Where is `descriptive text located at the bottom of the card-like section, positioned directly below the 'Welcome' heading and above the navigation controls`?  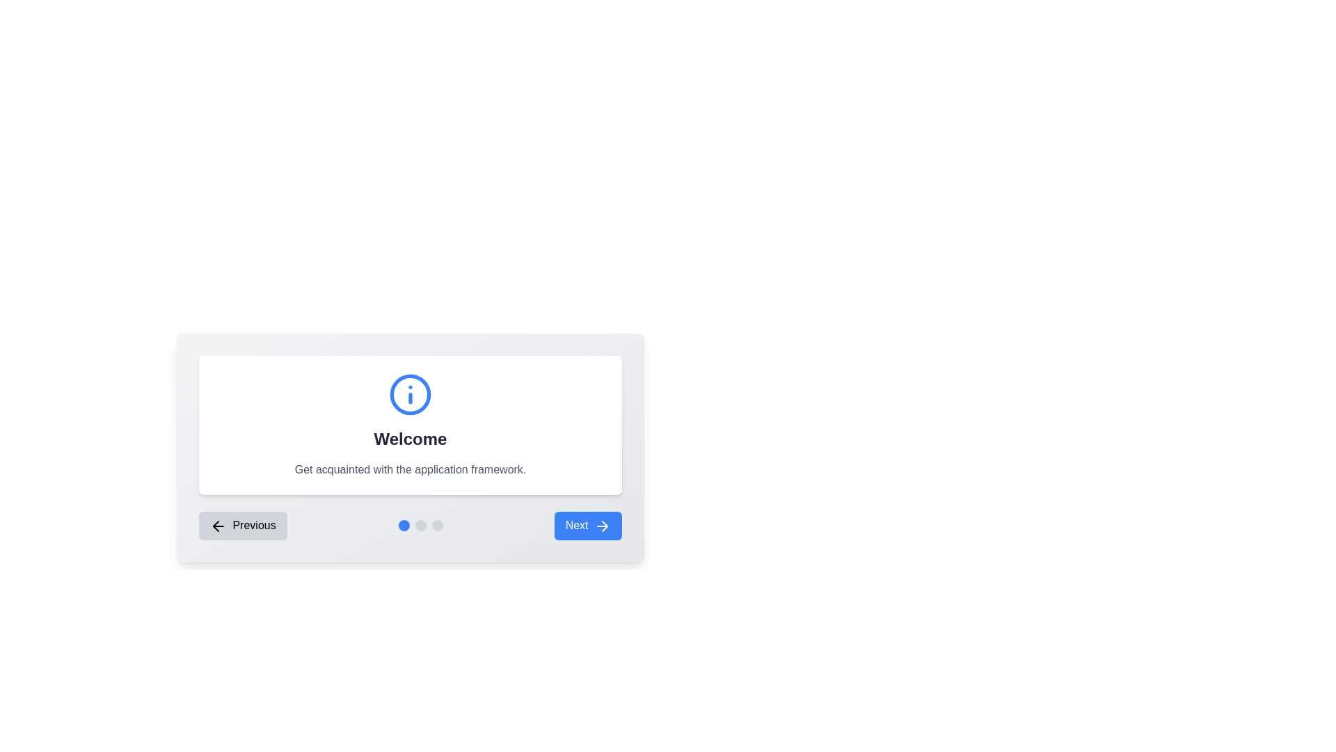
descriptive text located at the bottom of the card-like section, positioned directly below the 'Welcome' heading and above the navigation controls is located at coordinates (410, 470).